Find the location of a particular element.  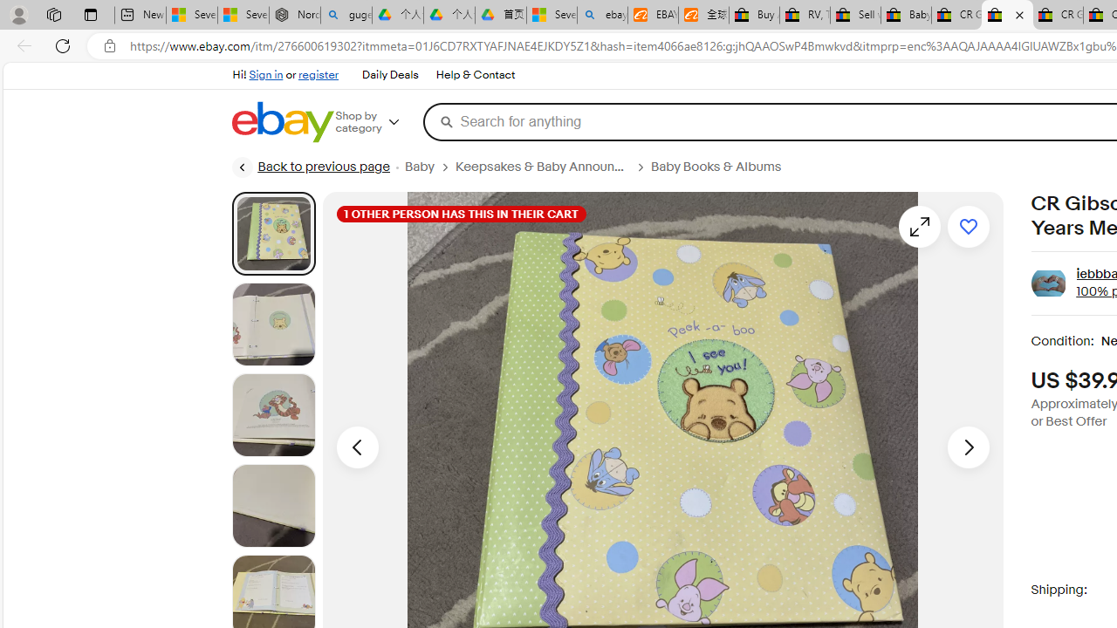

'Next image - Item images thumbnails' is located at coordinates (967, 446).